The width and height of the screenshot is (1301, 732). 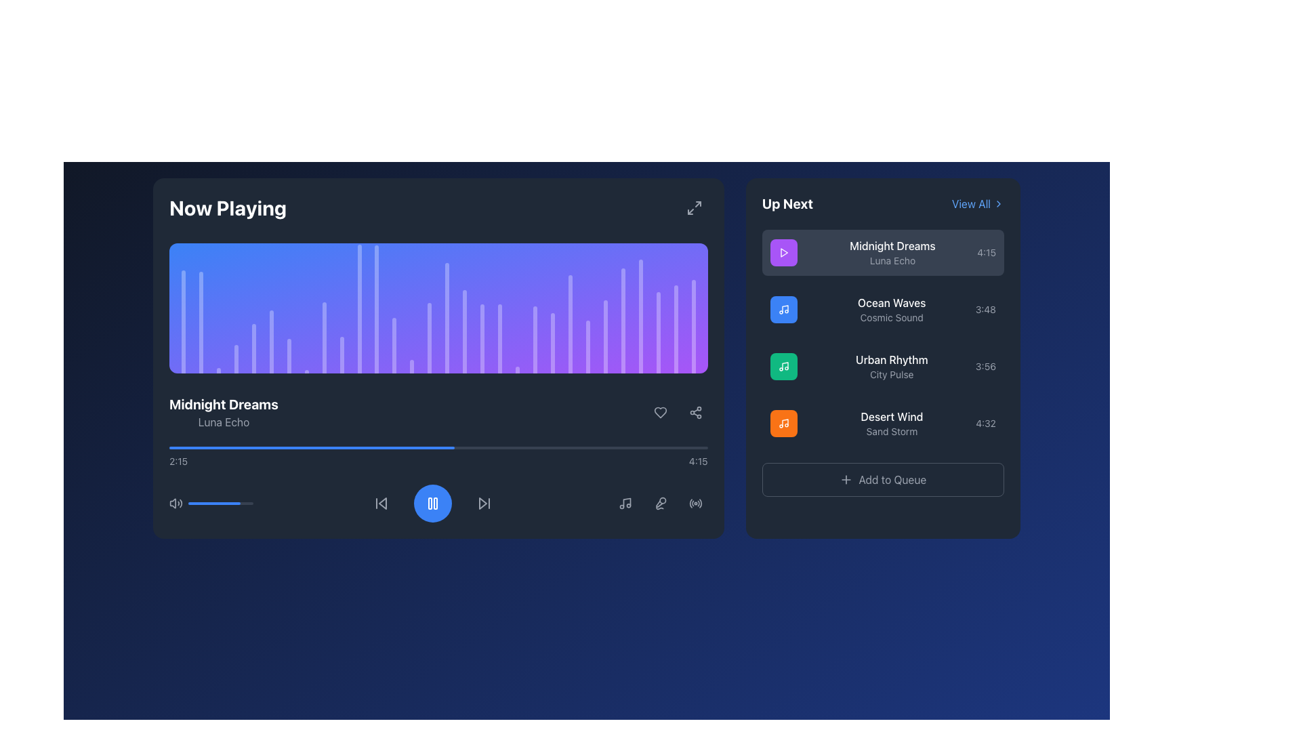 What do you see at coordinates (381, 504) in the screenshot?
I see `the first button on the left side of the playback controls to skip to the previous track in the playlist` at bounding box center [381, 504].